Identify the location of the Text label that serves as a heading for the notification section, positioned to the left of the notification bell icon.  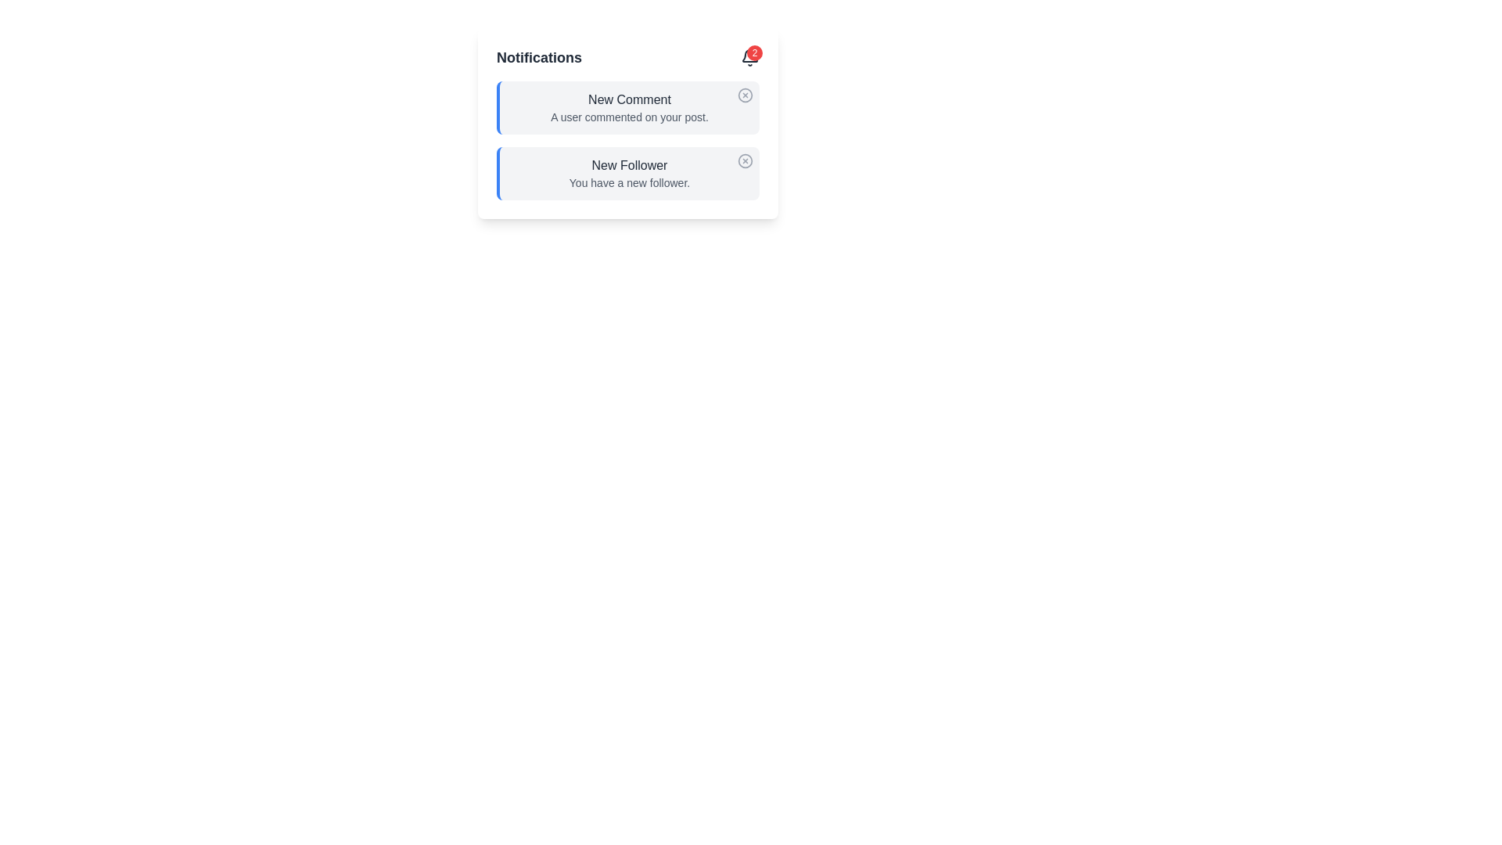
(539, 56).